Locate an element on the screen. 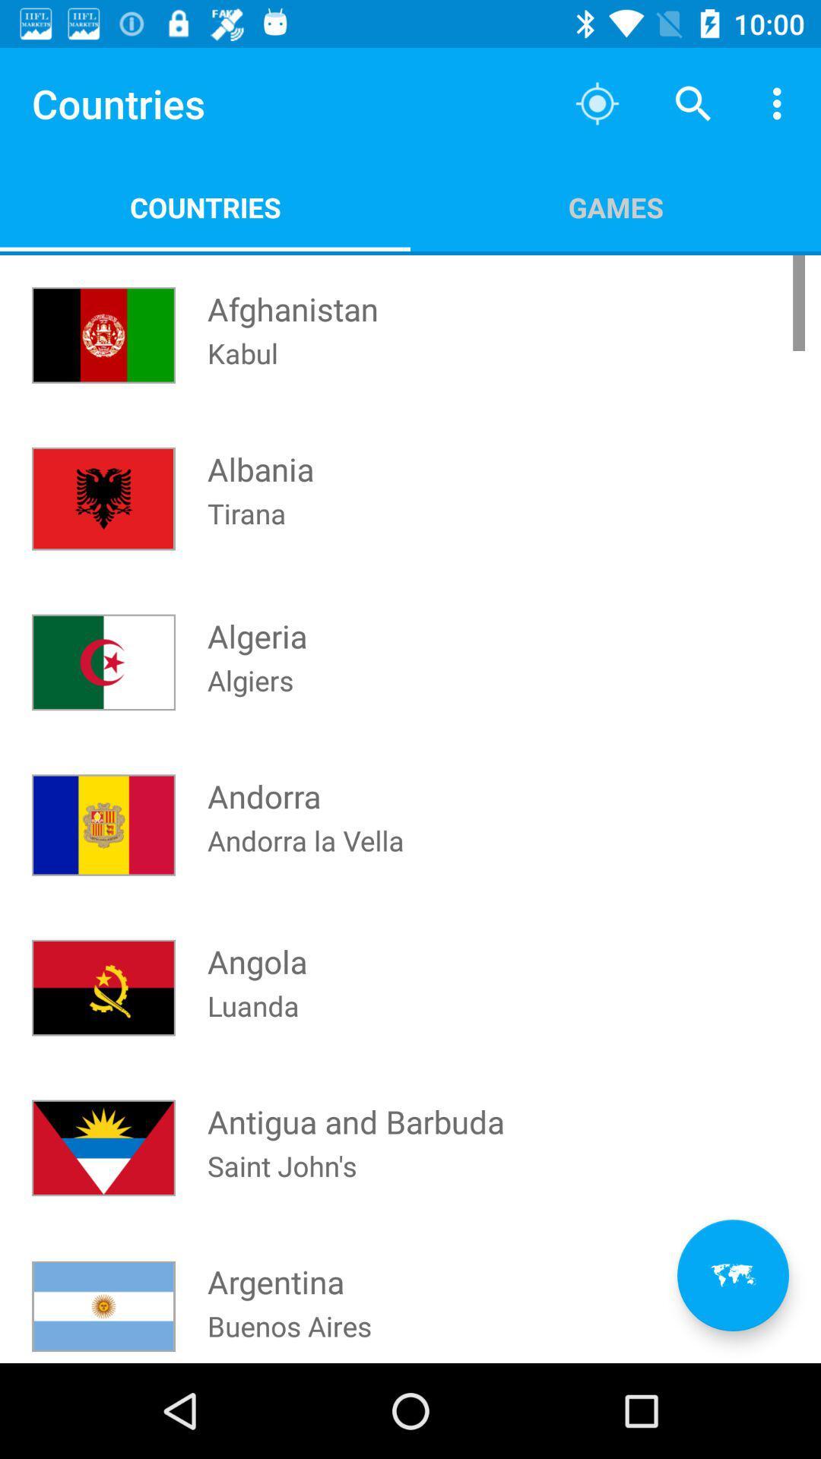  icon below the kabul icon is located at coordinates (260, 454).